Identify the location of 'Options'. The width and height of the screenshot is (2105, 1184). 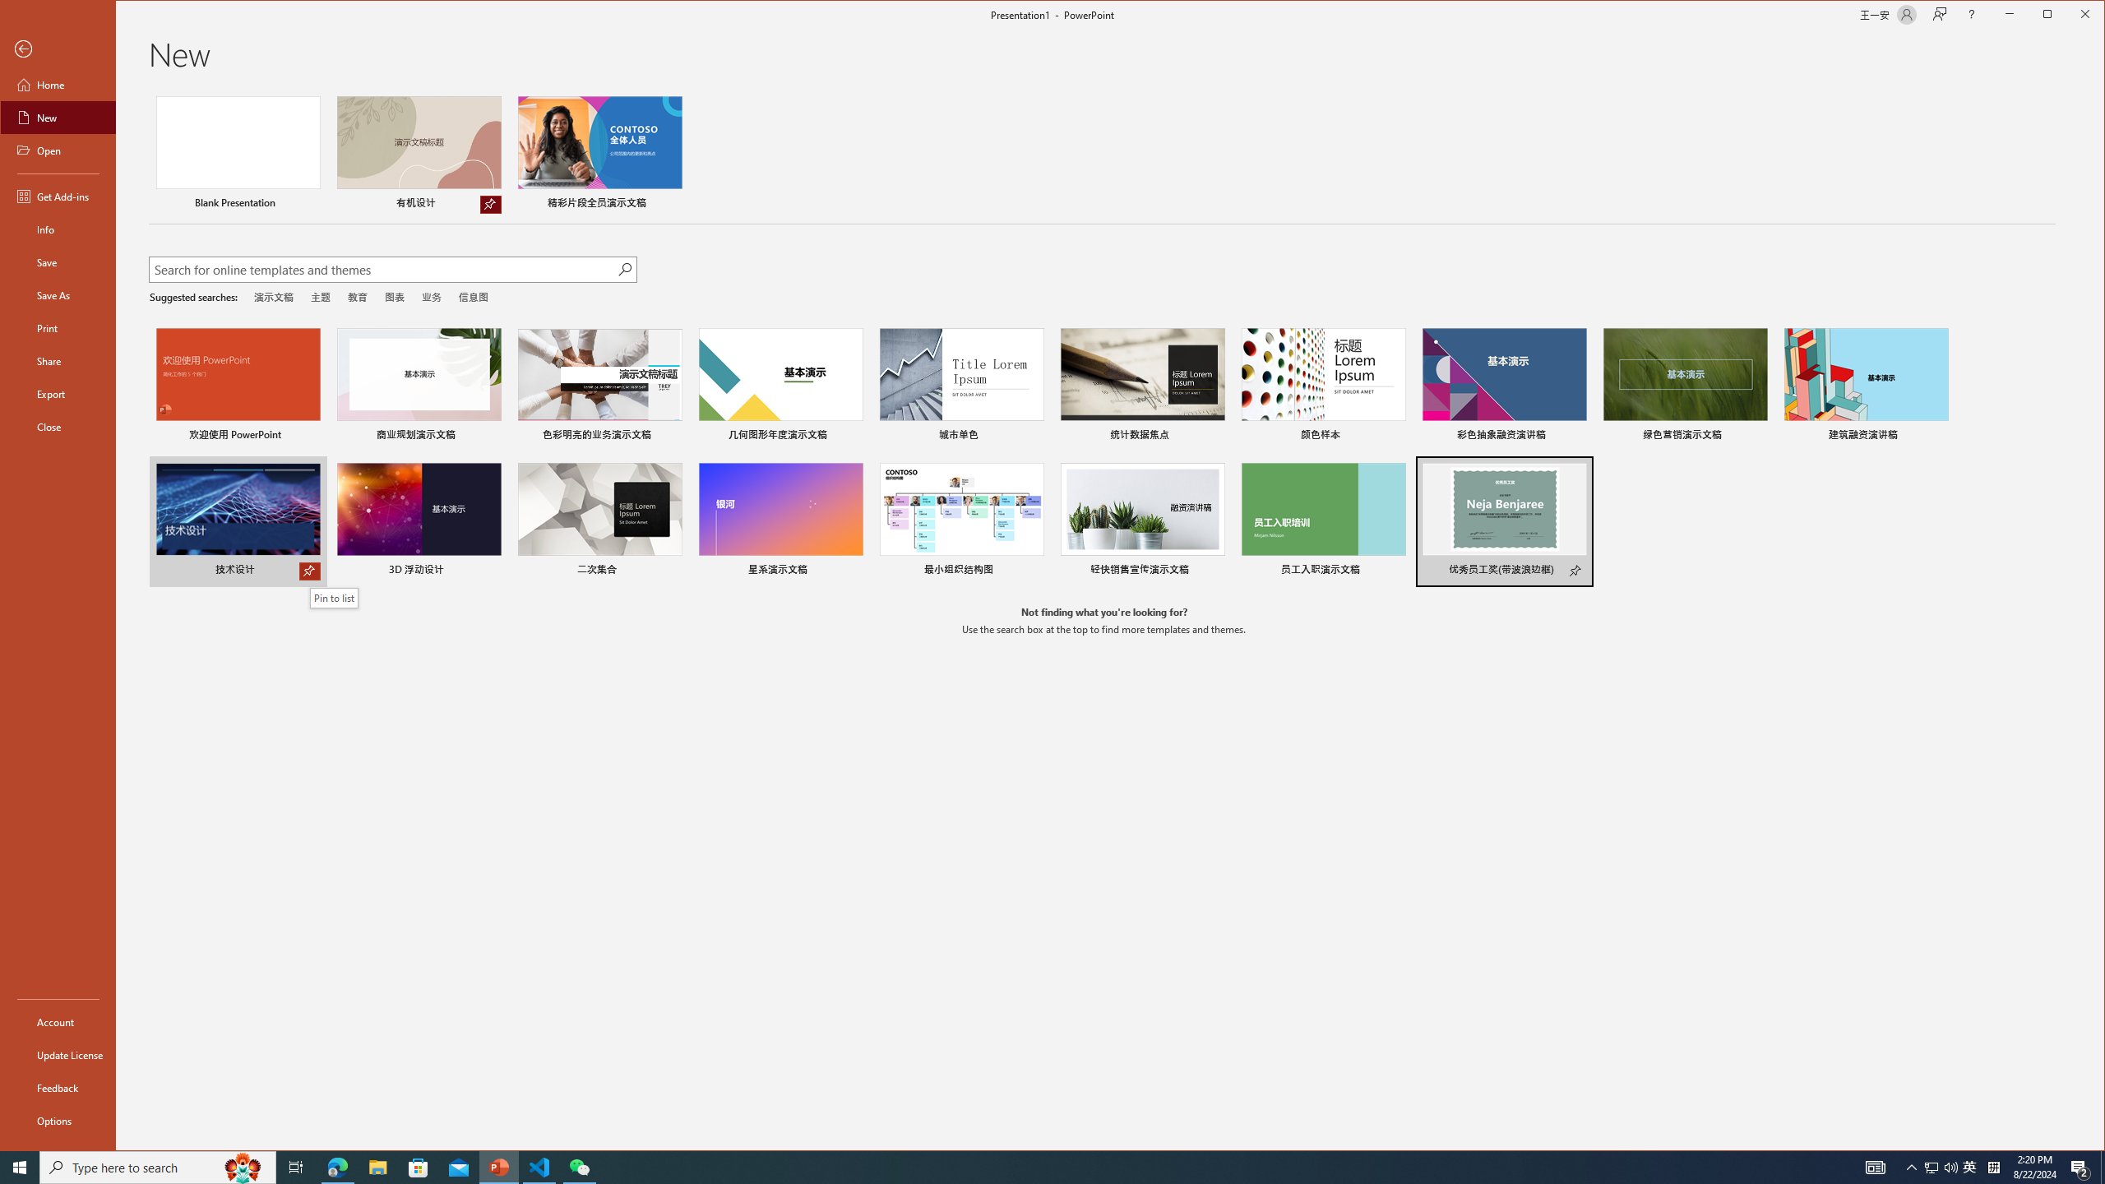
(57, 1120).